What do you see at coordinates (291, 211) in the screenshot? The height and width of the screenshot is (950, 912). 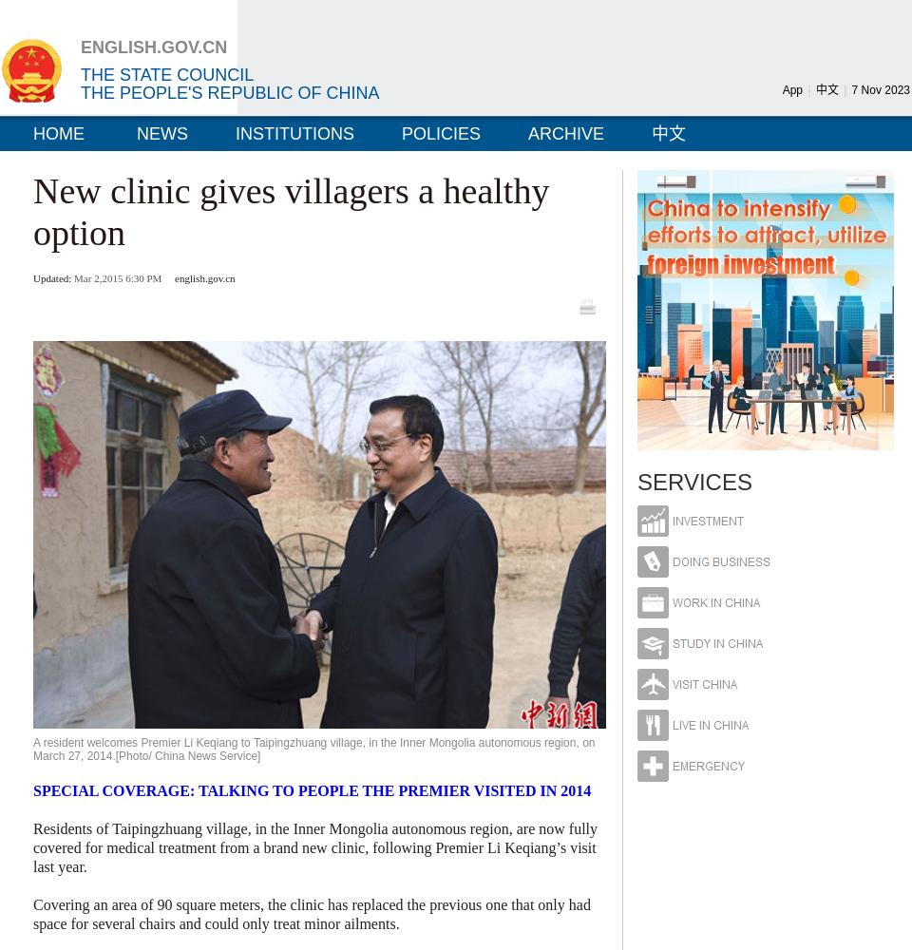 I see `'New clinic gives villagers a healthy option'` at bounding box center [291, 211].